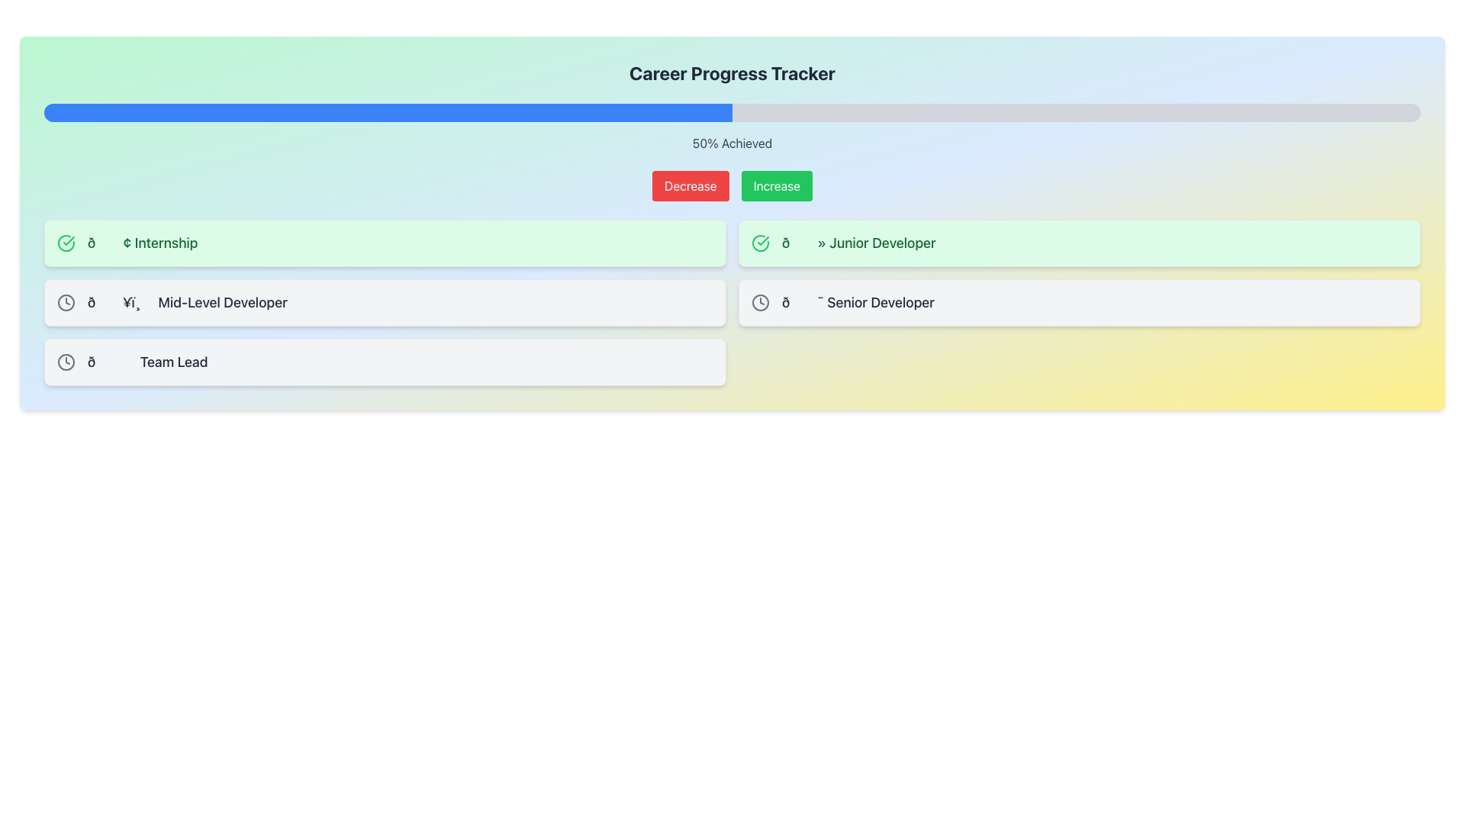  Describe the element at coordinates (690, 185) in the screenshot. I see `the leftmost button that triggers the decrement operation, located just below the progress bar displaying '50% Achieved'` at that location.